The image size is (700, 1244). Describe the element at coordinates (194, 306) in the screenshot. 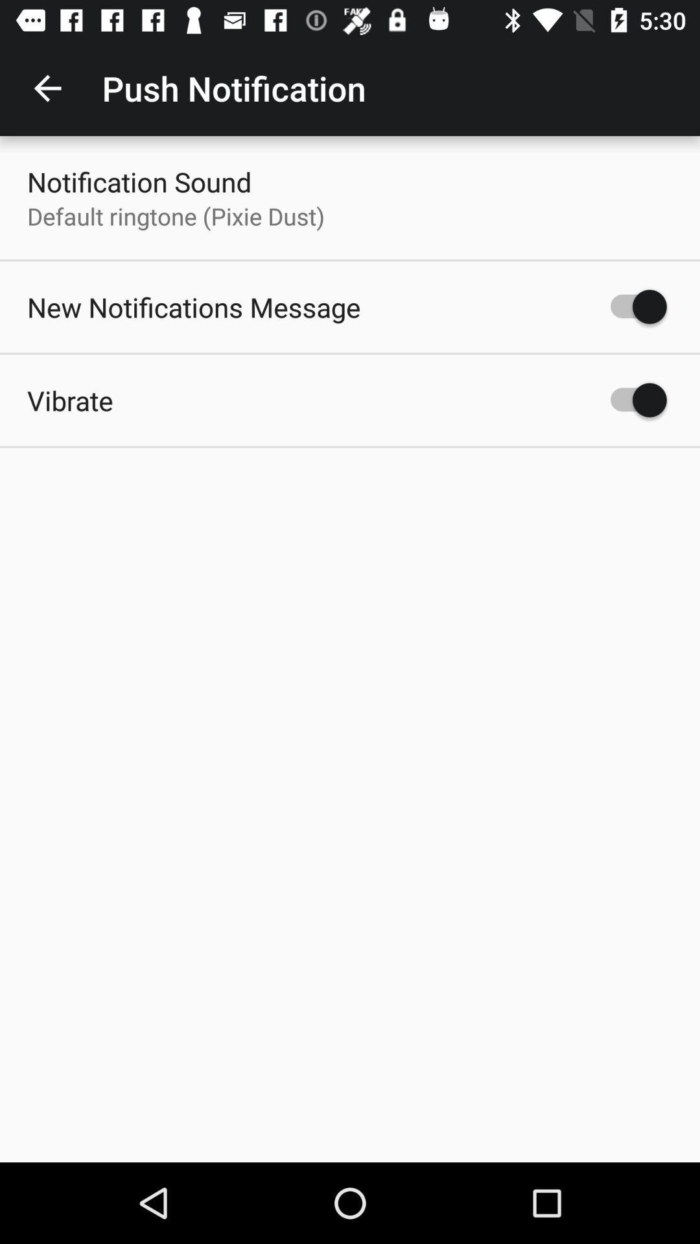

I see `the item below default ringtone pixie` at that location.